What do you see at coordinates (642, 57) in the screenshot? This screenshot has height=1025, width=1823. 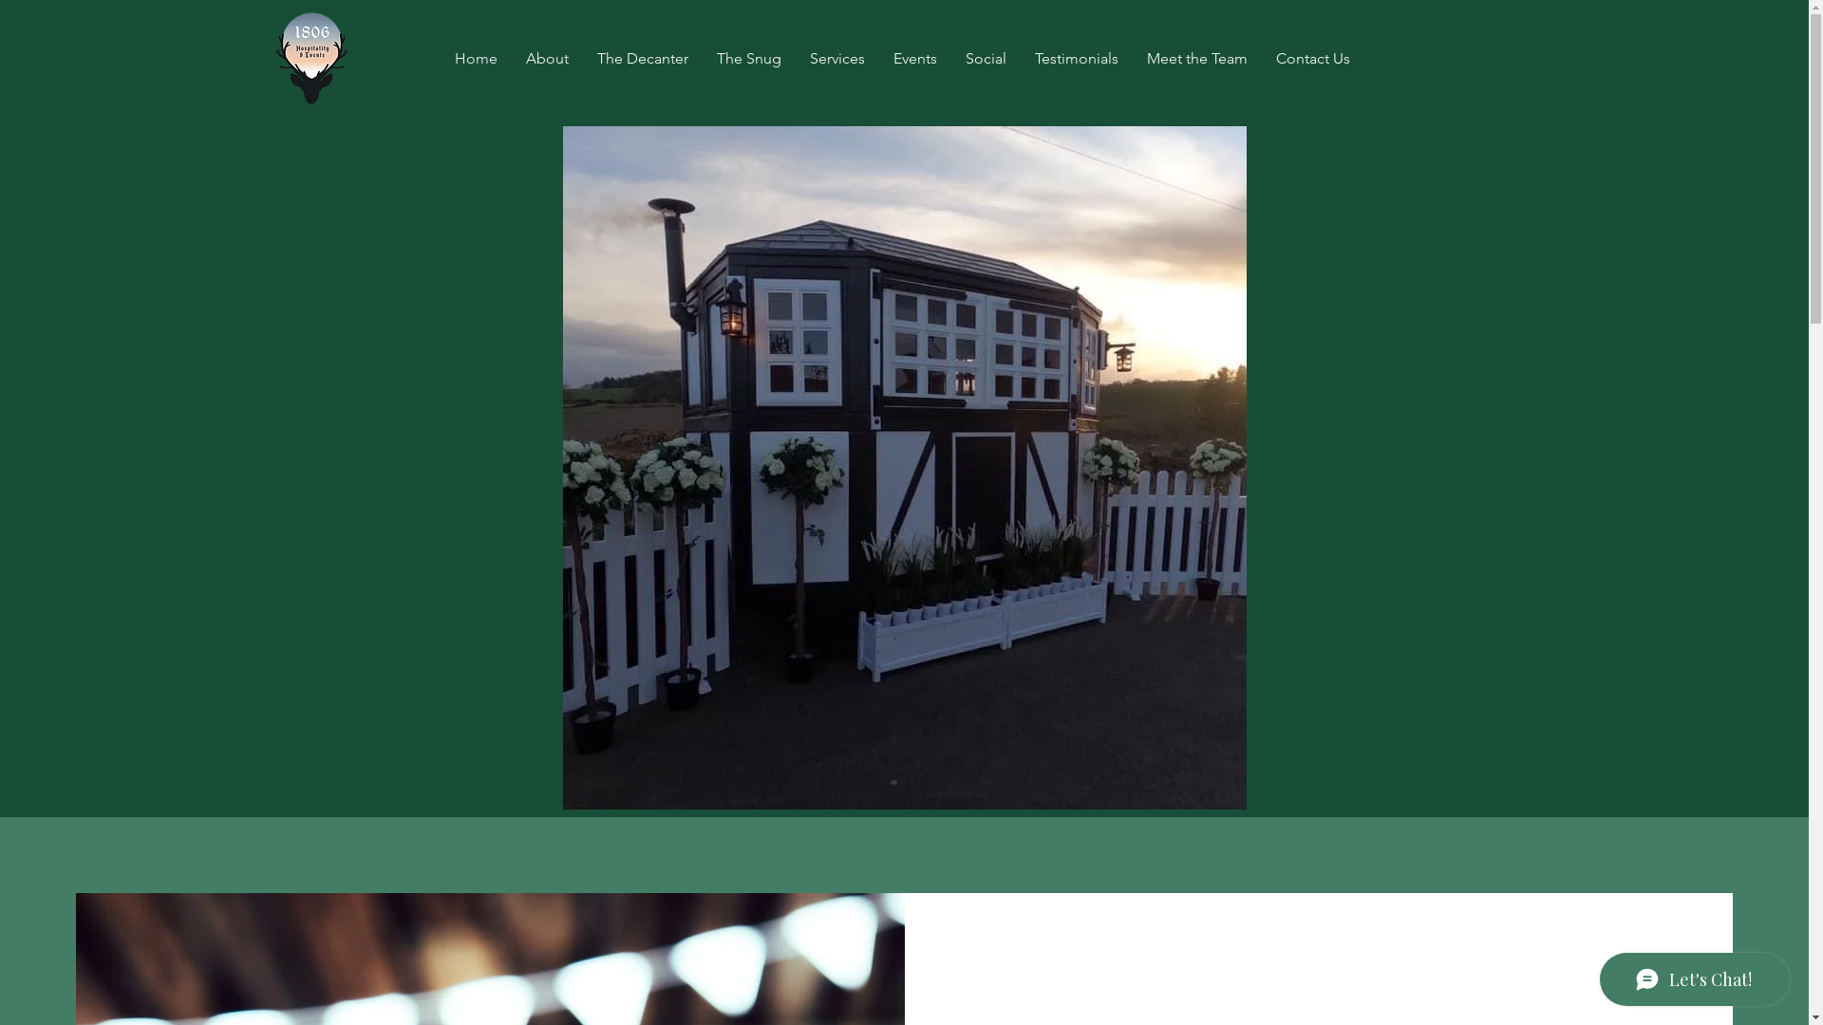 I see `'The Decanter'` at bounding box center [642, 57].